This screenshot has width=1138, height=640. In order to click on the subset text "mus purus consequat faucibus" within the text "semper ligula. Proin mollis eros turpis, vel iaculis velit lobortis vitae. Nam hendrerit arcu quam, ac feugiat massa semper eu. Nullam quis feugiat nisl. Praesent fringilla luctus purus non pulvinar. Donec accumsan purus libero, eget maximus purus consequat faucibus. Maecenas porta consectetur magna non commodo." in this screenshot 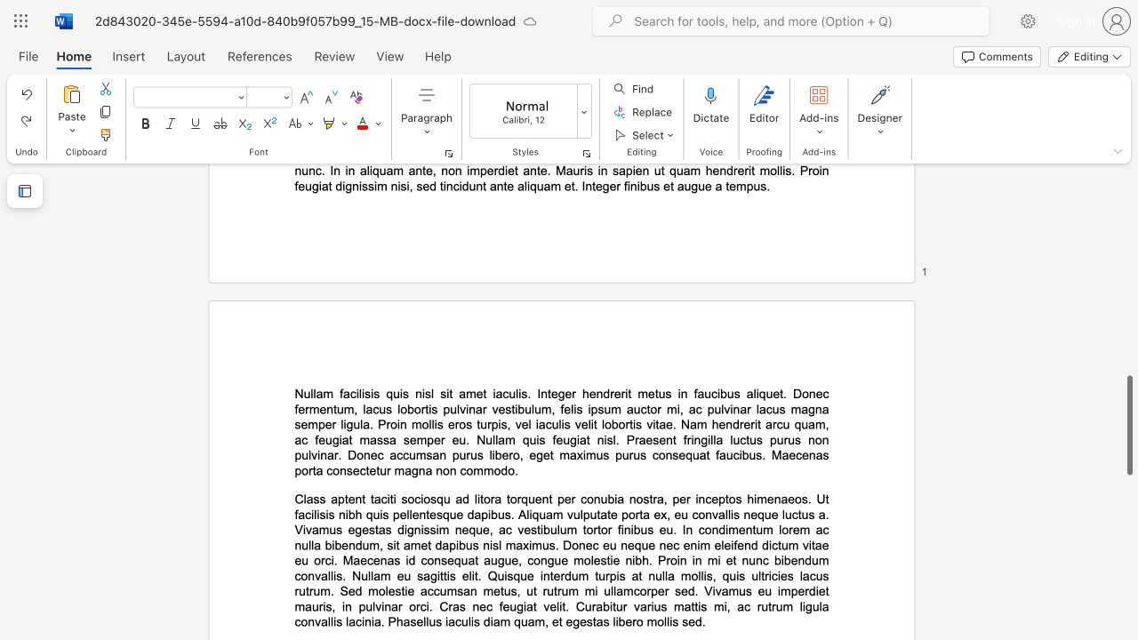, I will do `click(585, 454)`.